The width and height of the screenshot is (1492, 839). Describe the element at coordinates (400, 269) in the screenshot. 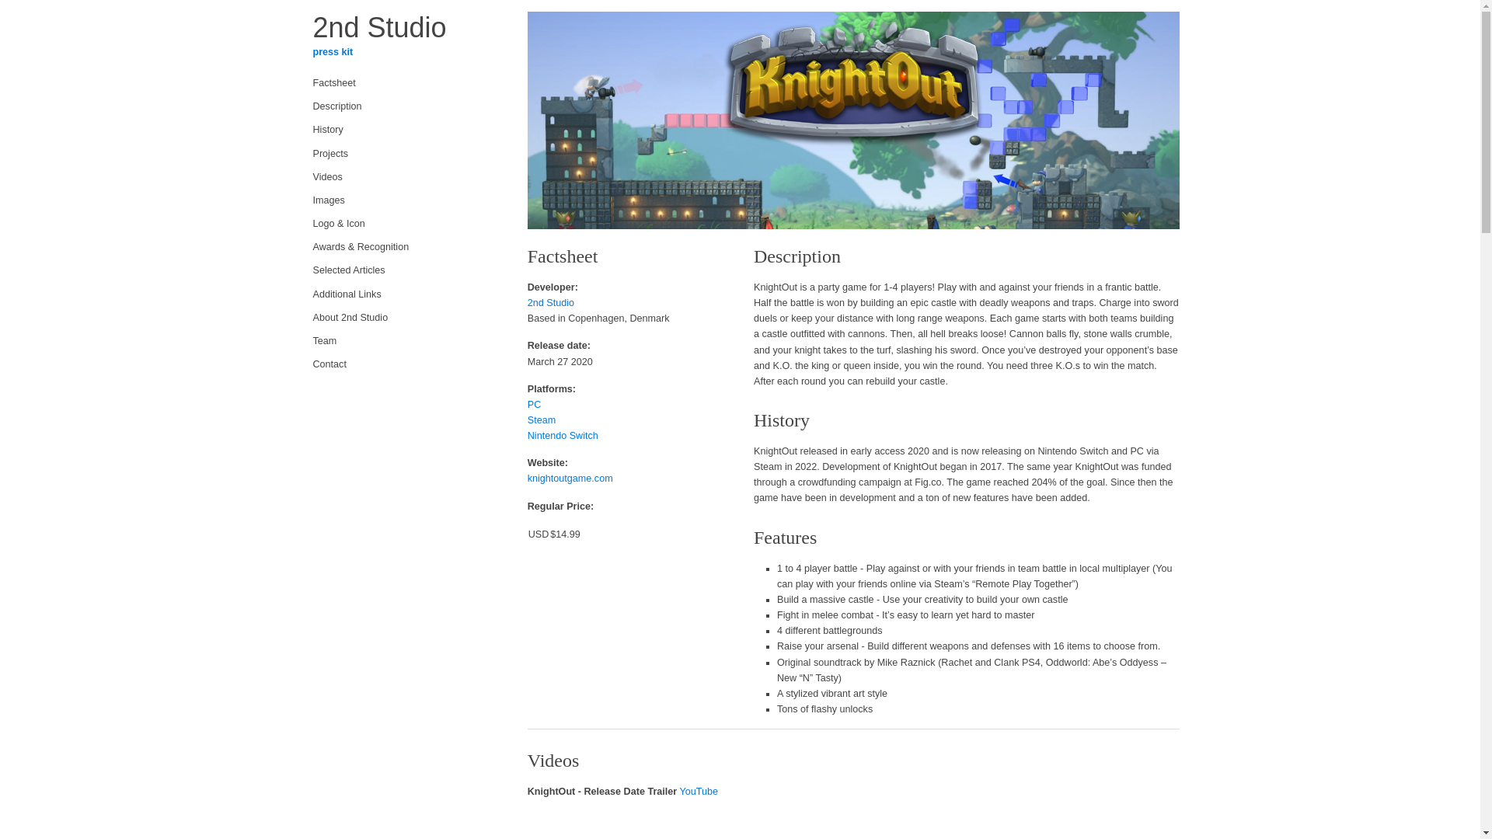

I see `'Selected Articles'` at that location.